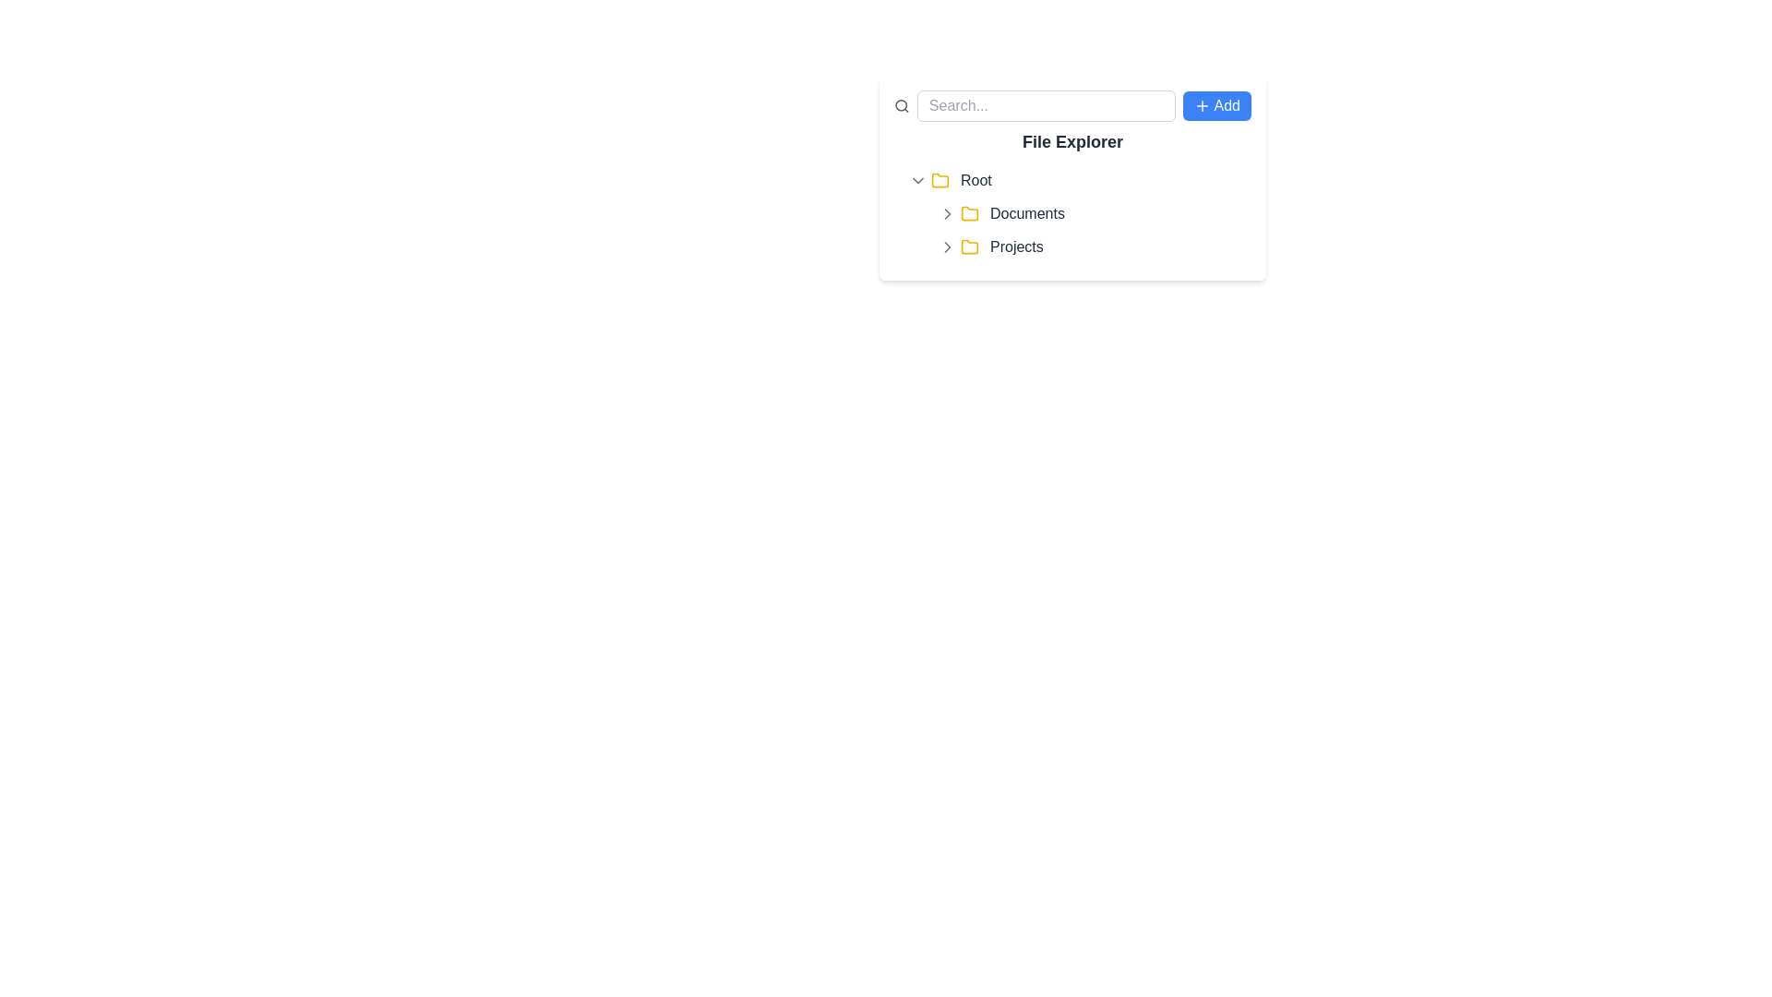  What do you see at coordinates (917, 181) in the screenshot?
I see `the Chevron icon located to the left of the 'Root' folder's yellow folder icon` at bounding box center [917, 181].